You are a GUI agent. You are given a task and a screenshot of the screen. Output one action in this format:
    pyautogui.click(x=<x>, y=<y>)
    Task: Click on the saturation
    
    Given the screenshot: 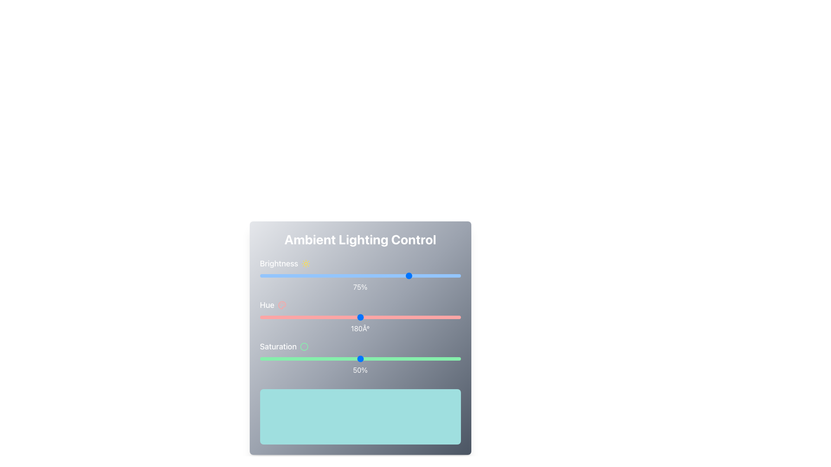 What is the action you would take?
    pyautogui.click(x=302, y=358)
    